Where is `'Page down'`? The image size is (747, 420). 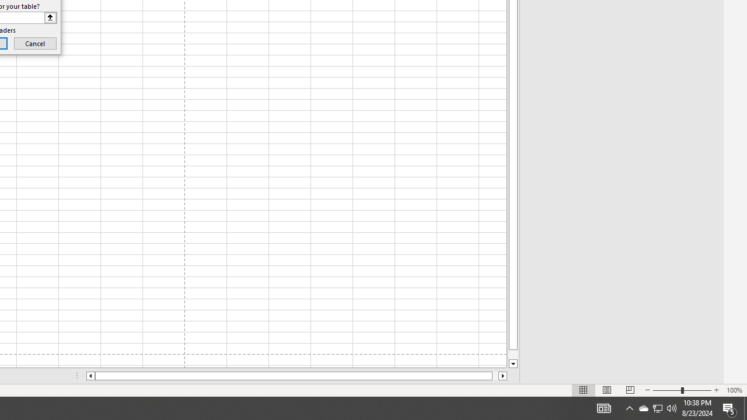
'Page down' is located at coordinates (513, 354).